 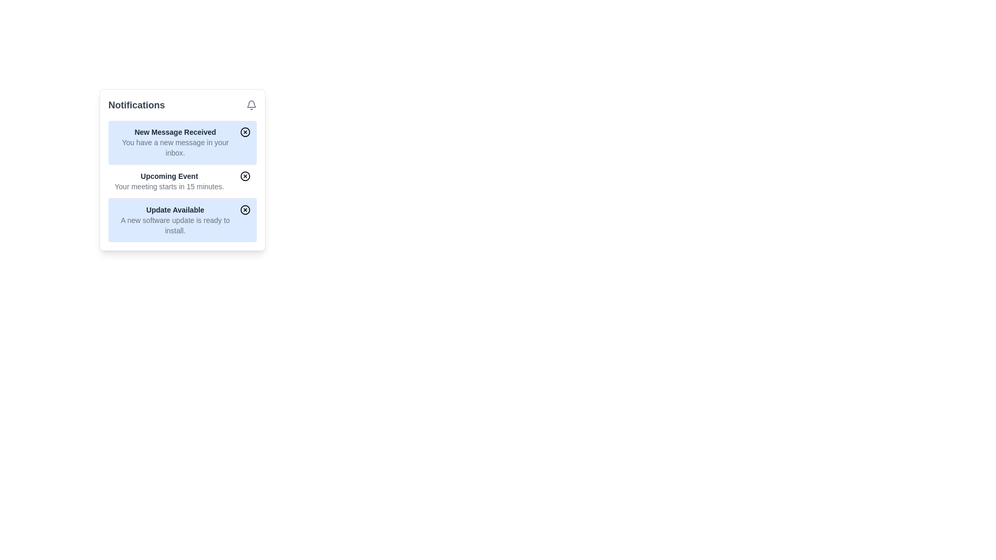 What do you see at coordinates (251, 105) in the screenshot?
I see `the bell icon located at the top-right corner of the notification panel to interact with it` at bounding box center [251, 105].